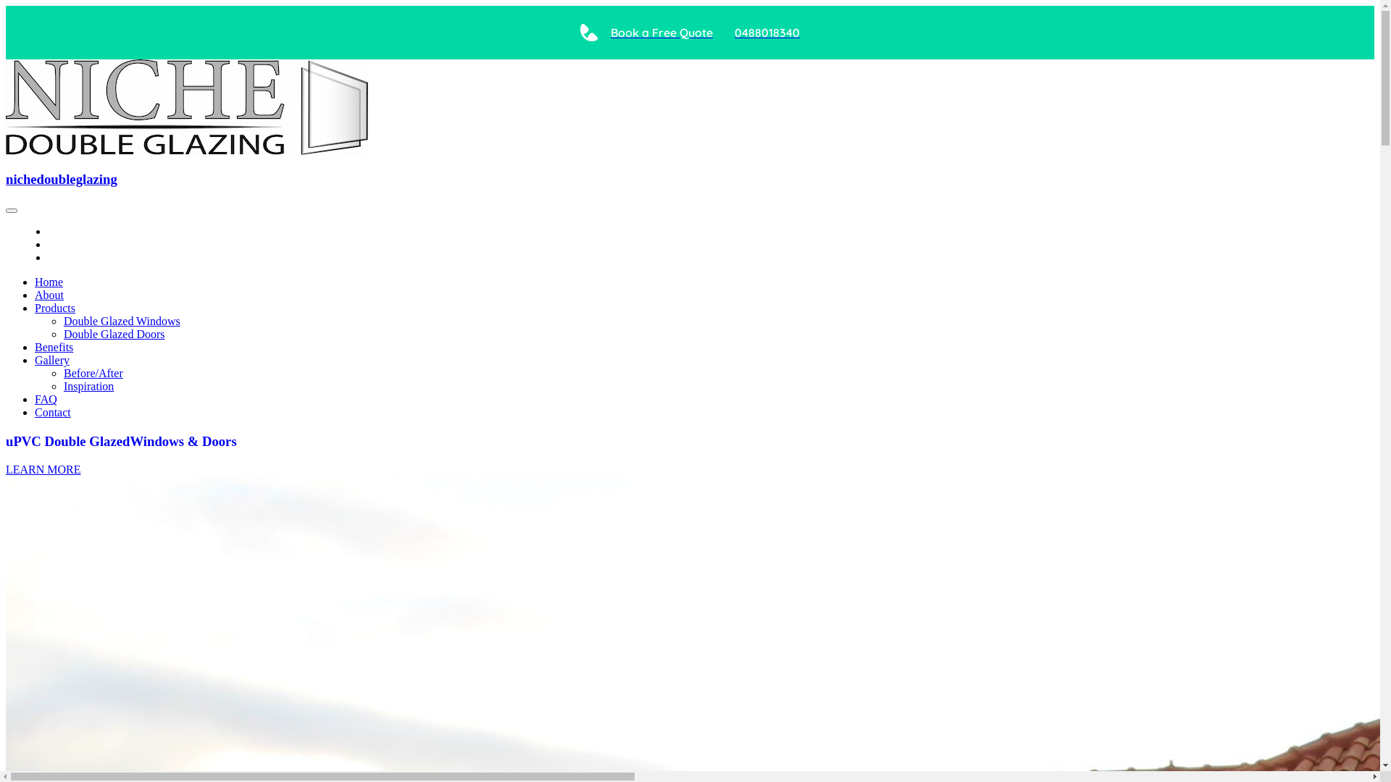 The width and height of the screenshot is (1391, 782). I want to click on 'Contact', so click(52, 412).